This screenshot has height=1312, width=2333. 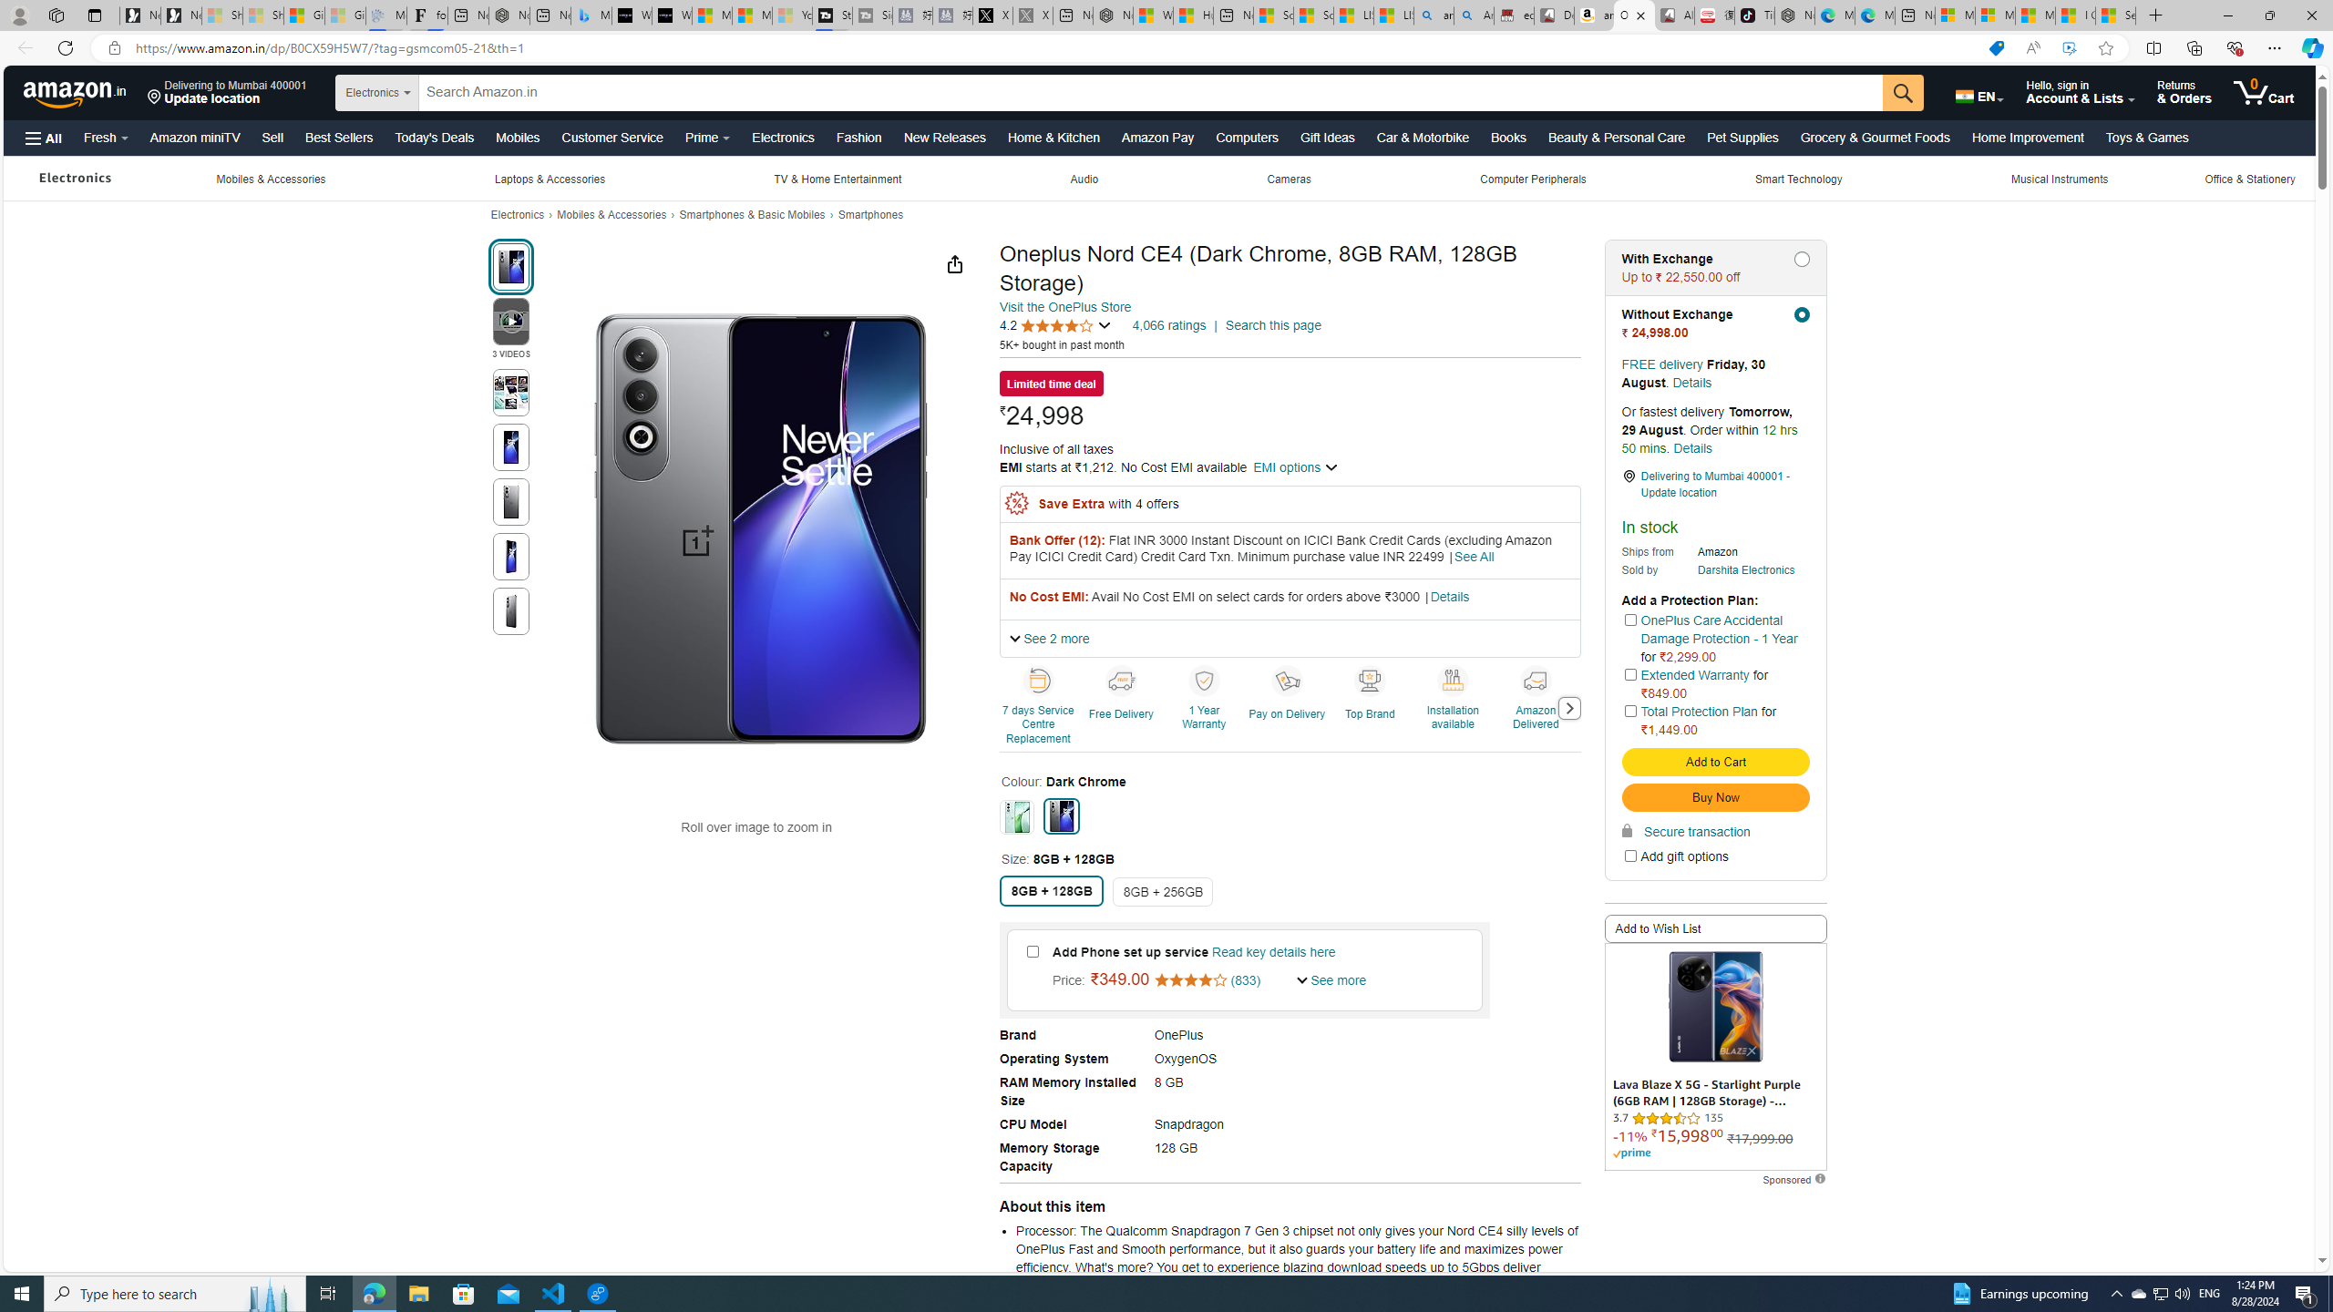 I want to click on 'Hello, sign in Account & Lists', so click(x=2080, y=91).